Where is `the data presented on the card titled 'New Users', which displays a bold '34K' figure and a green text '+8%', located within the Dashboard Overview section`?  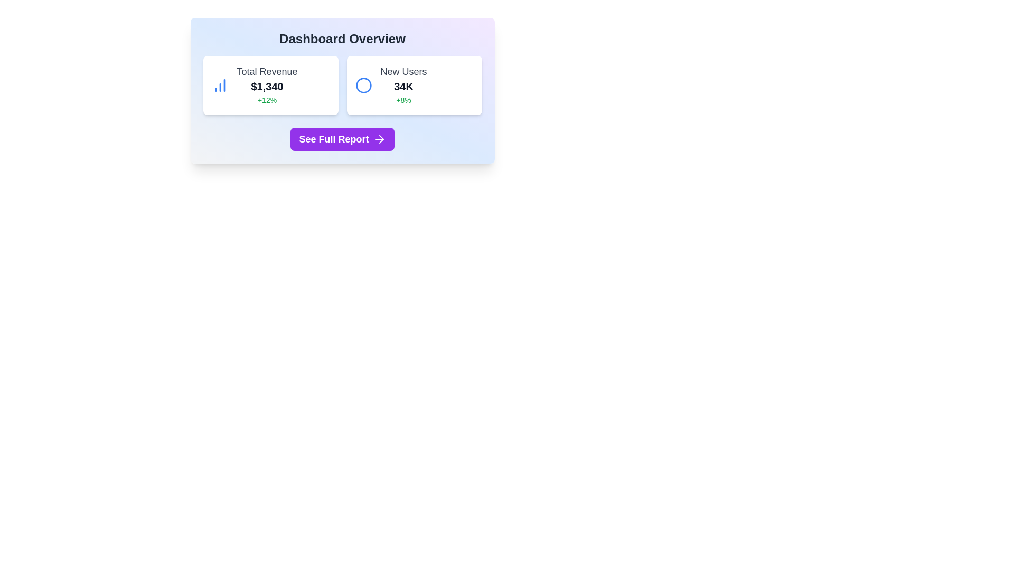
the data presented on the card titled 'New Users', which displays a bold '34K' figure and a green text '+8%', located within the Dashboard Overview section is located at coordinates (414, 85).